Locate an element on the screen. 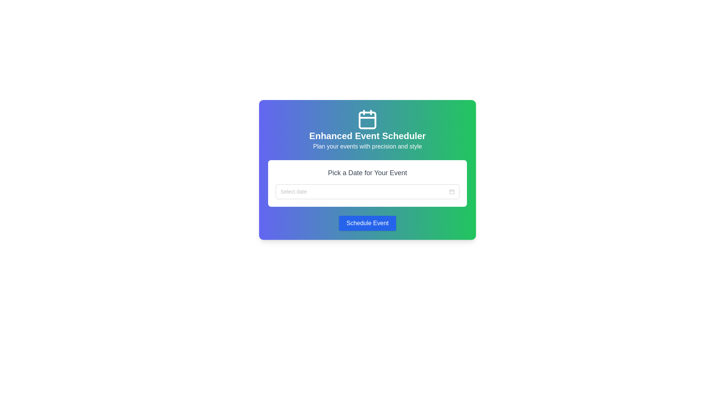  the Date Picker Input Field located below the header 'Pick a Date for Your Event' to start typing a date is located at coordinates (367, 191).